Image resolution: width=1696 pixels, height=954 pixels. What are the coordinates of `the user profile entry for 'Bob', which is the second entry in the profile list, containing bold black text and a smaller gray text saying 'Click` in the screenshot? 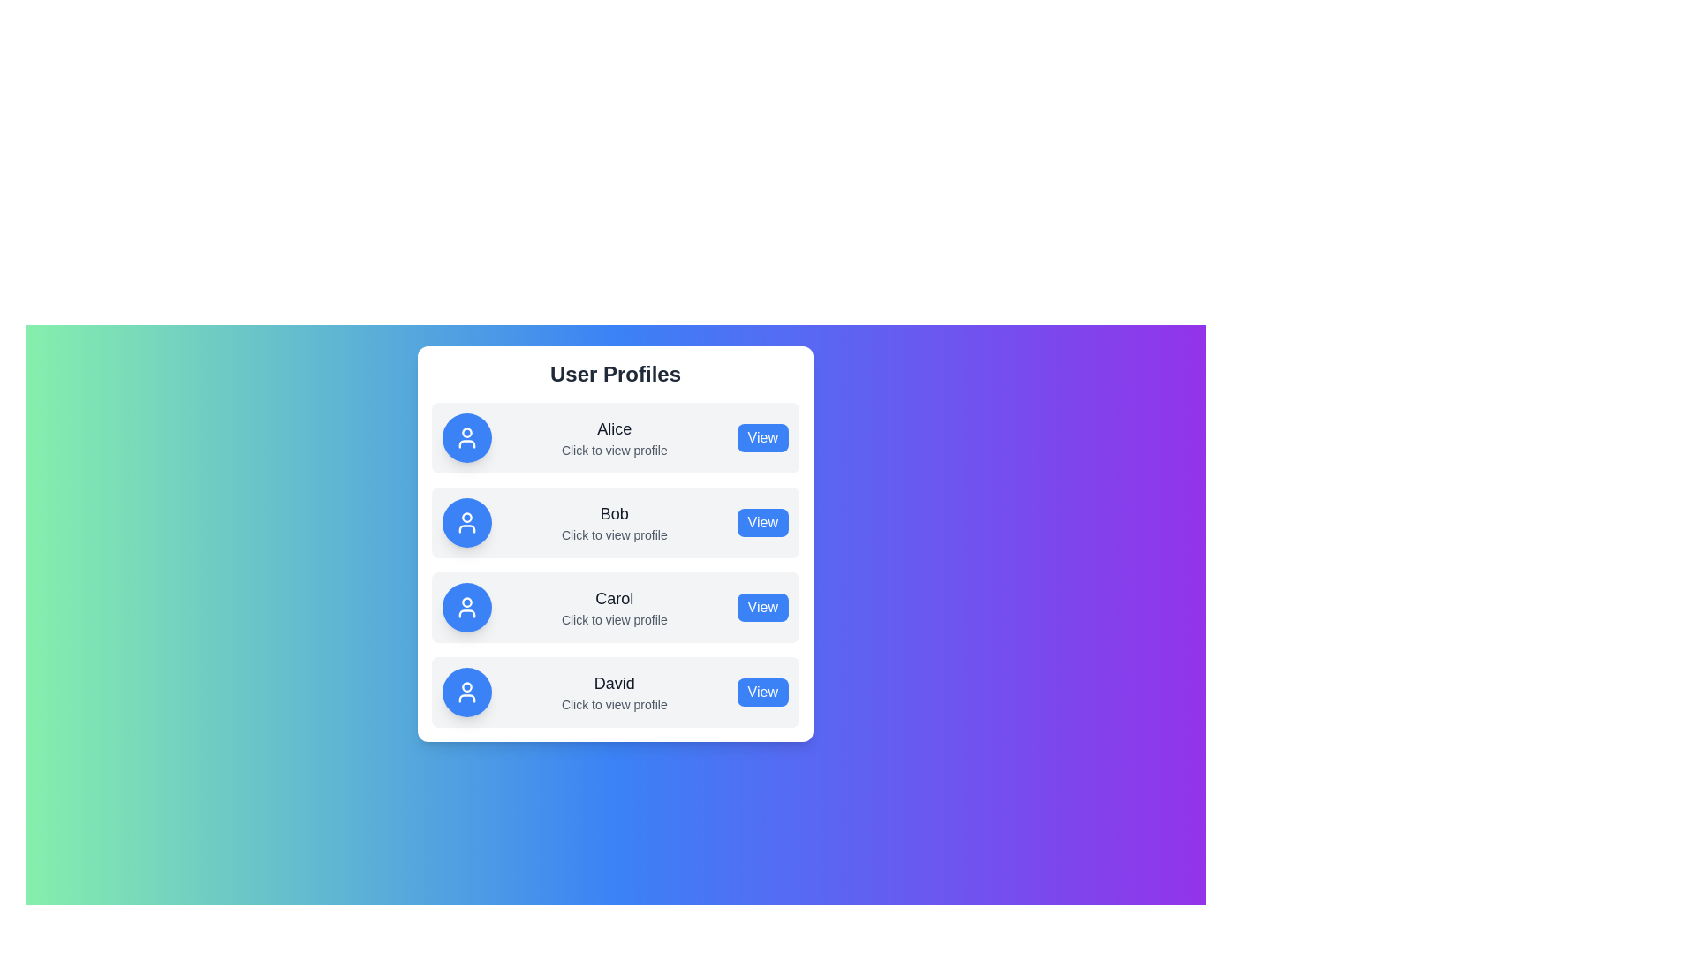 It's located at (614, 521).